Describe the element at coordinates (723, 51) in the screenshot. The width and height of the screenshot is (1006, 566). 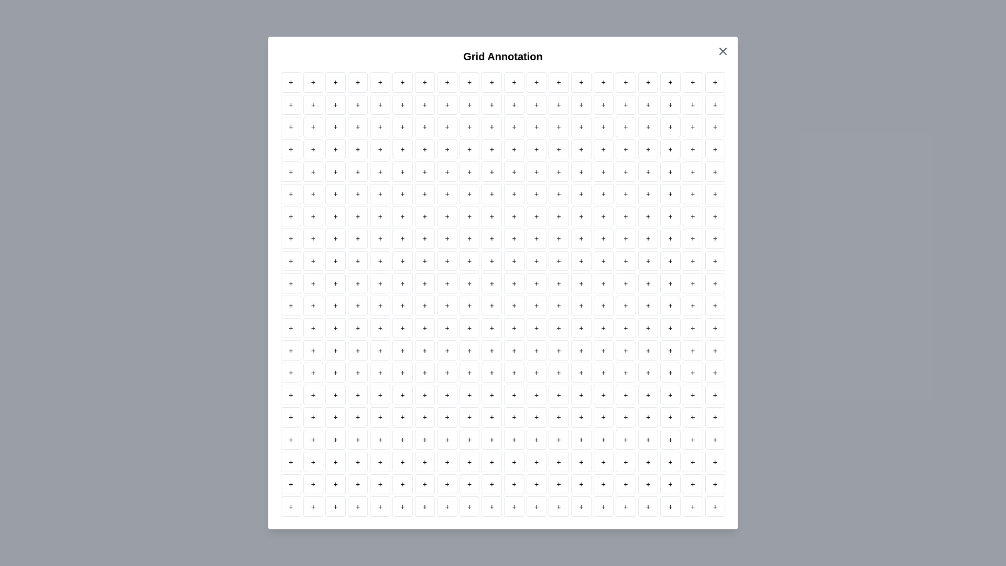
I see `close button to dismiss the dialog` at that location.